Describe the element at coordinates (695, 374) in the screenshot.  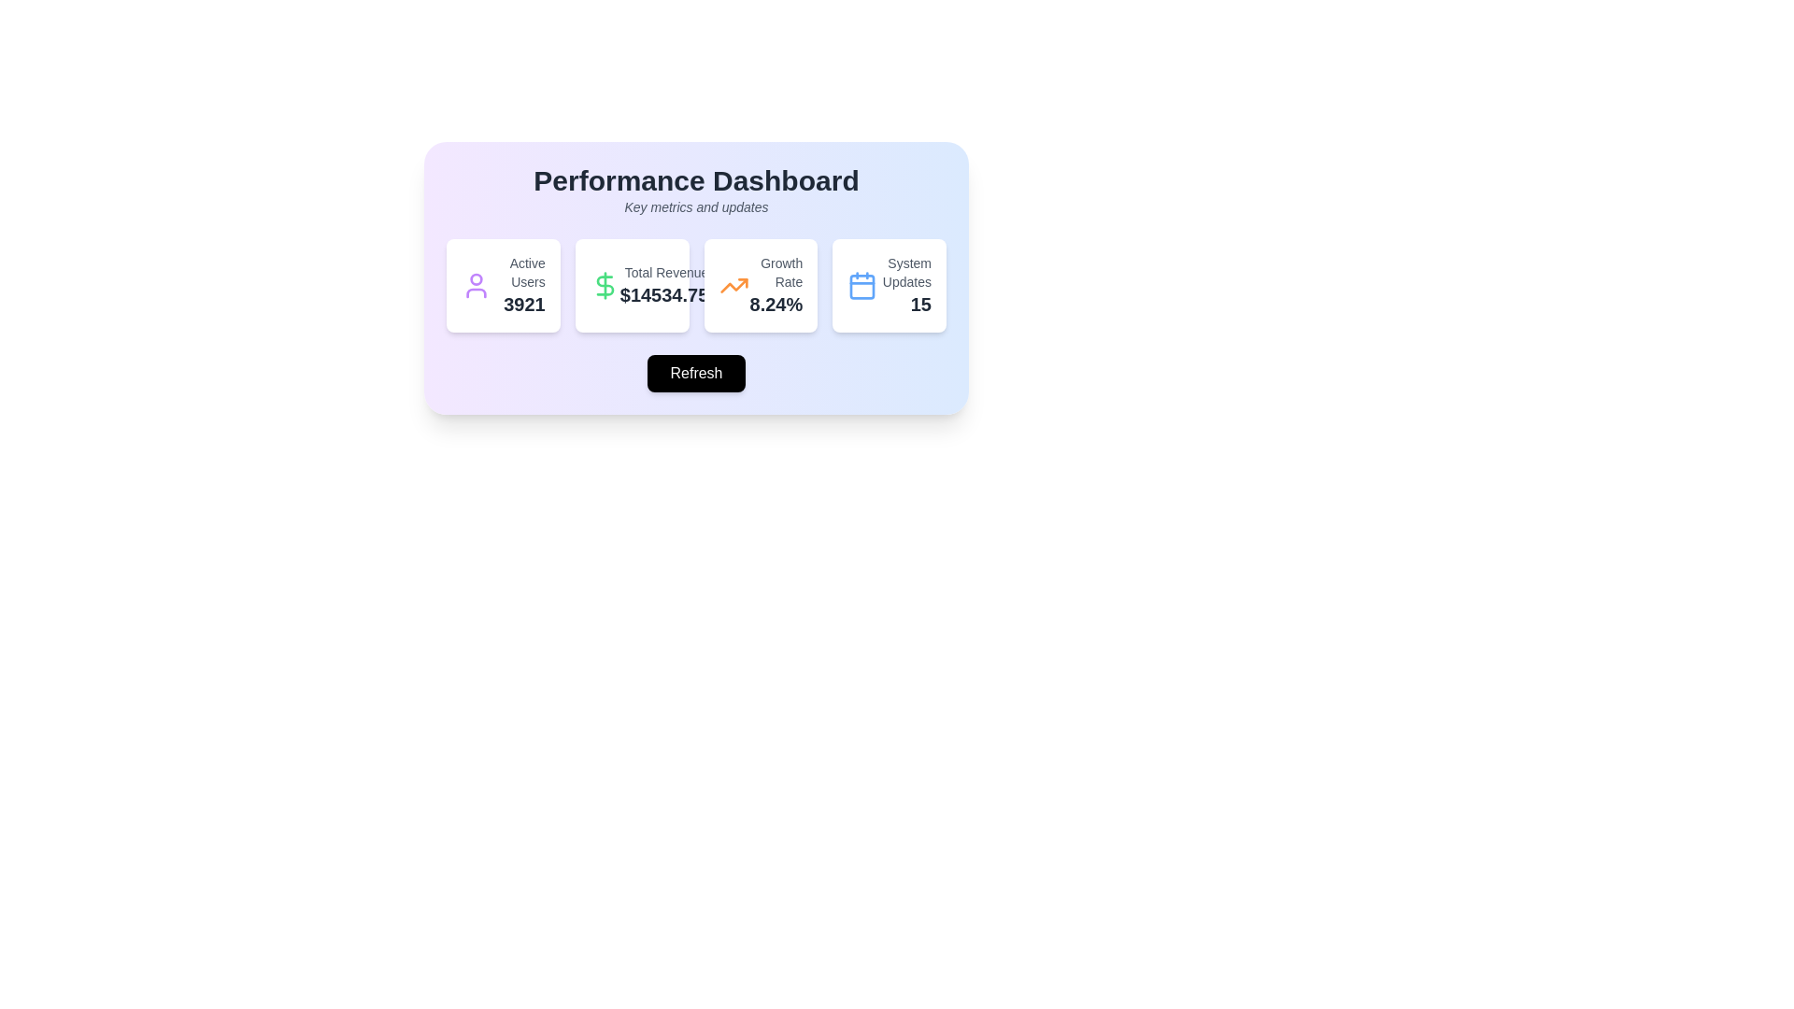
I see `the 'Refresh' button, which has a black background, white bold text, and rounded corners, located at the bottom-center of the performance dashboard section` at that location.